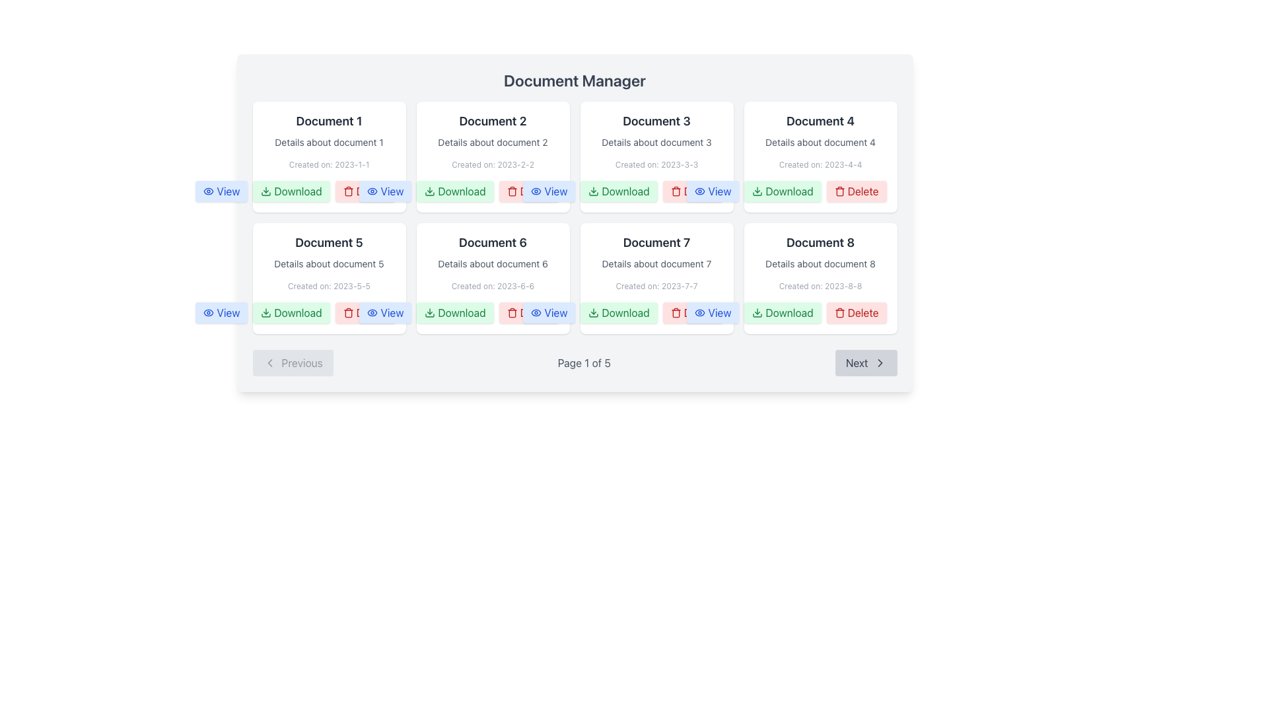 The height and width of the screenshot is (713, 1268). I want to click on the eye icon located within the 'View' button in the top-left corner of Document 7 in the Document Manager interface, so click(699, 313).